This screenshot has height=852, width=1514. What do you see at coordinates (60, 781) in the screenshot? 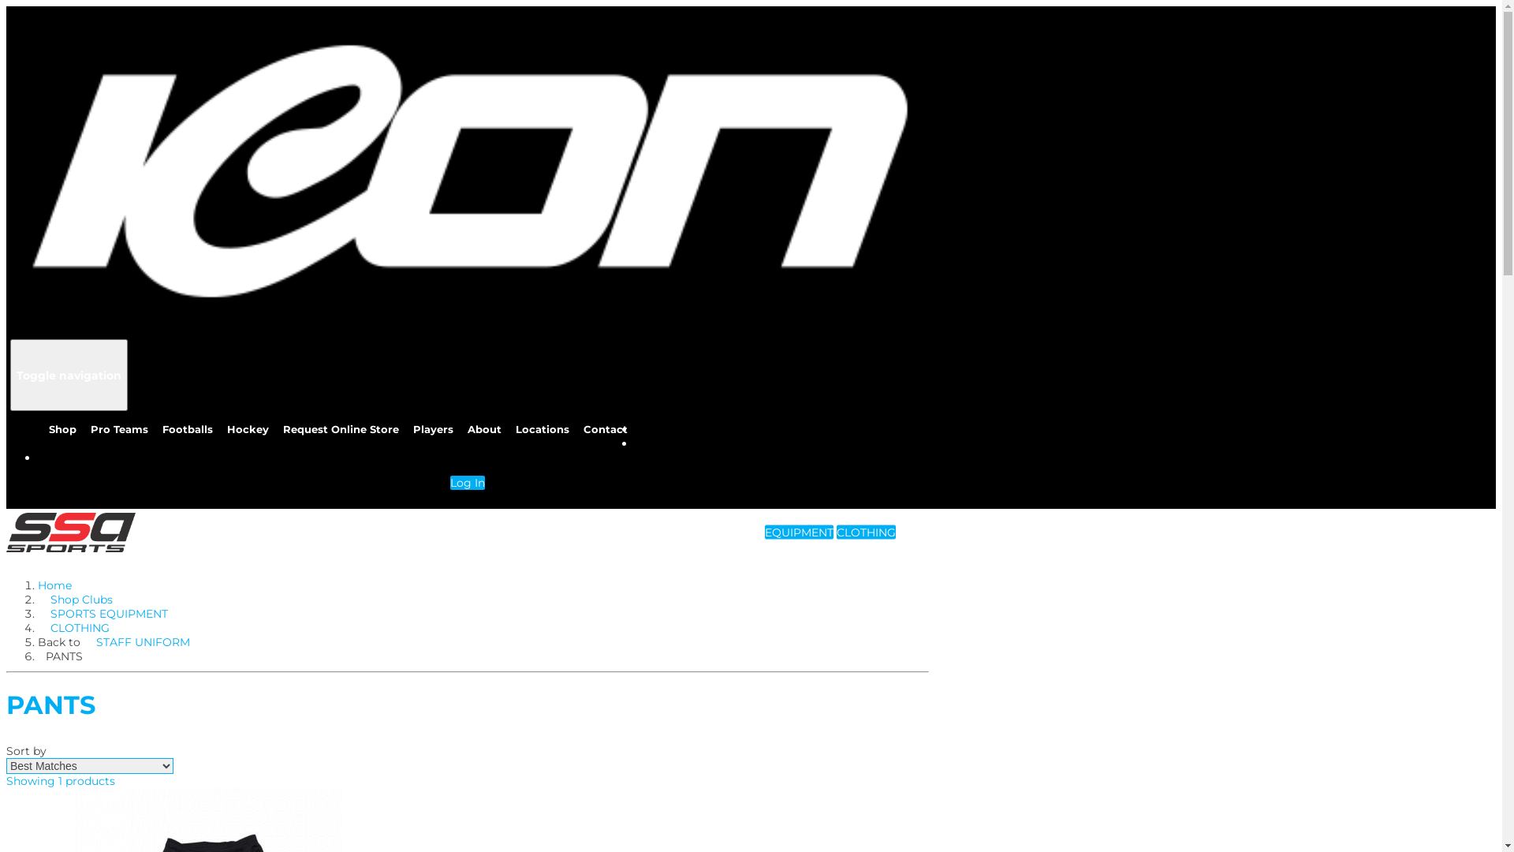
I see `'Showing 1 products'` at bounding box center [60, 781].